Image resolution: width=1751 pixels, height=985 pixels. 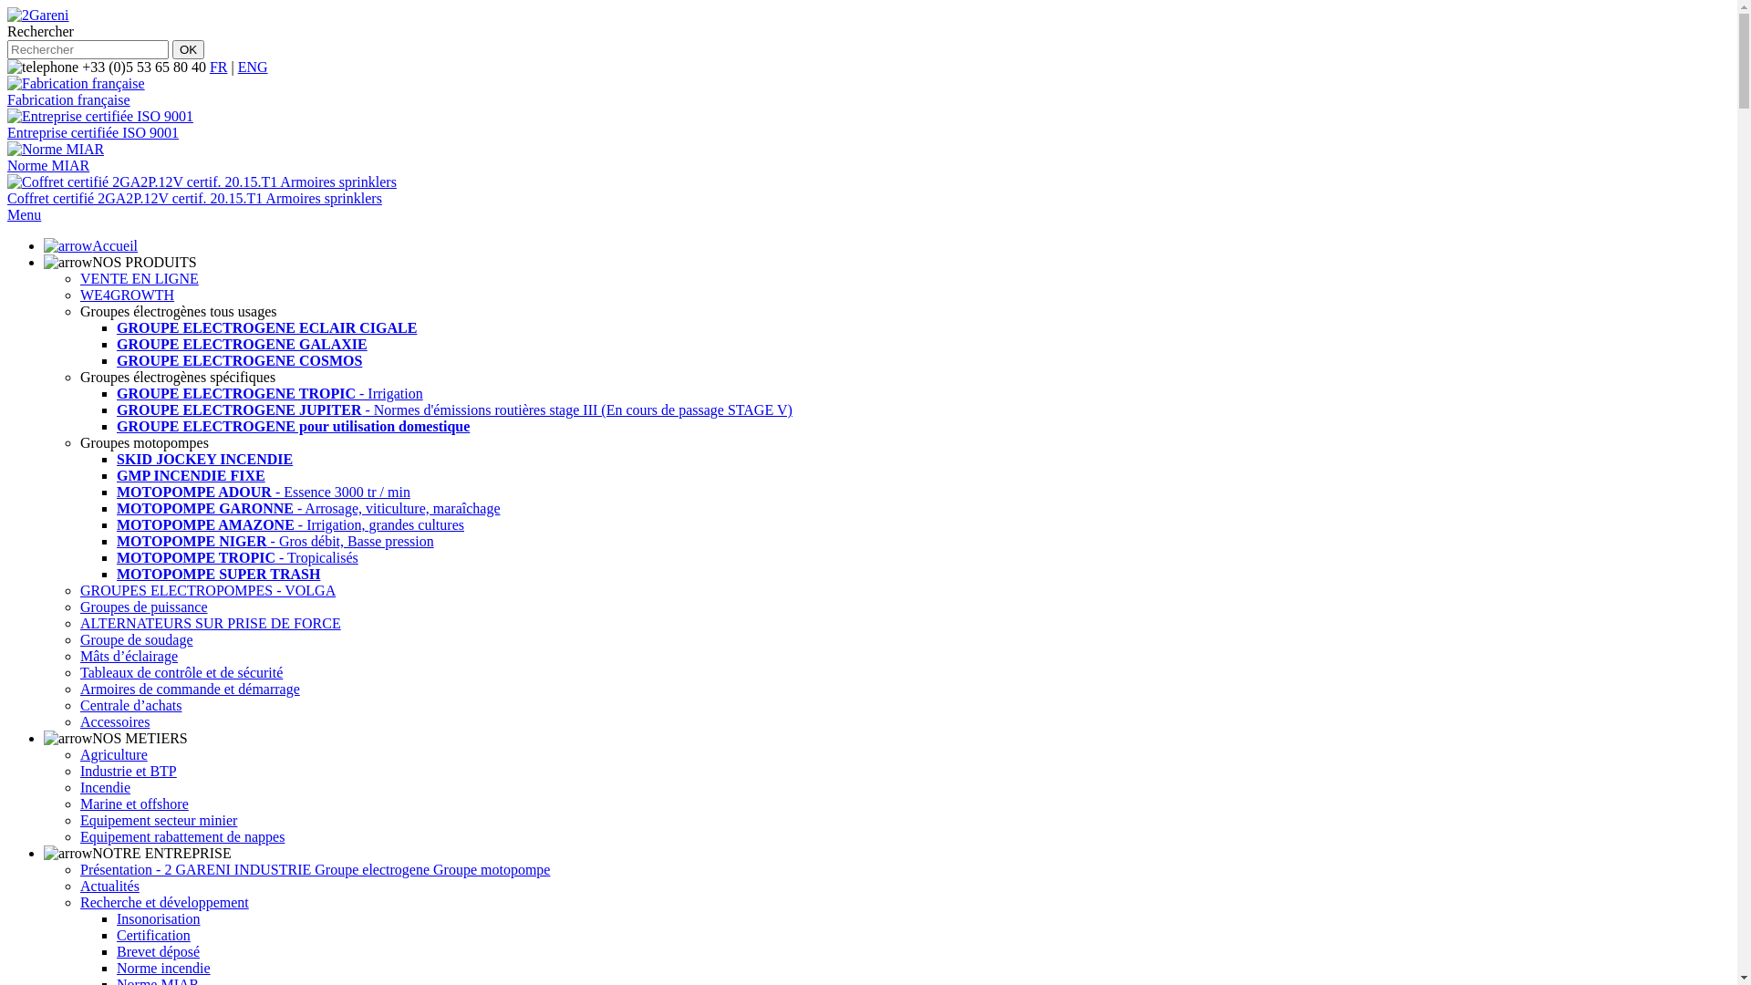 I want to click on 'Marine et offshore', so click(x=78, y=803).